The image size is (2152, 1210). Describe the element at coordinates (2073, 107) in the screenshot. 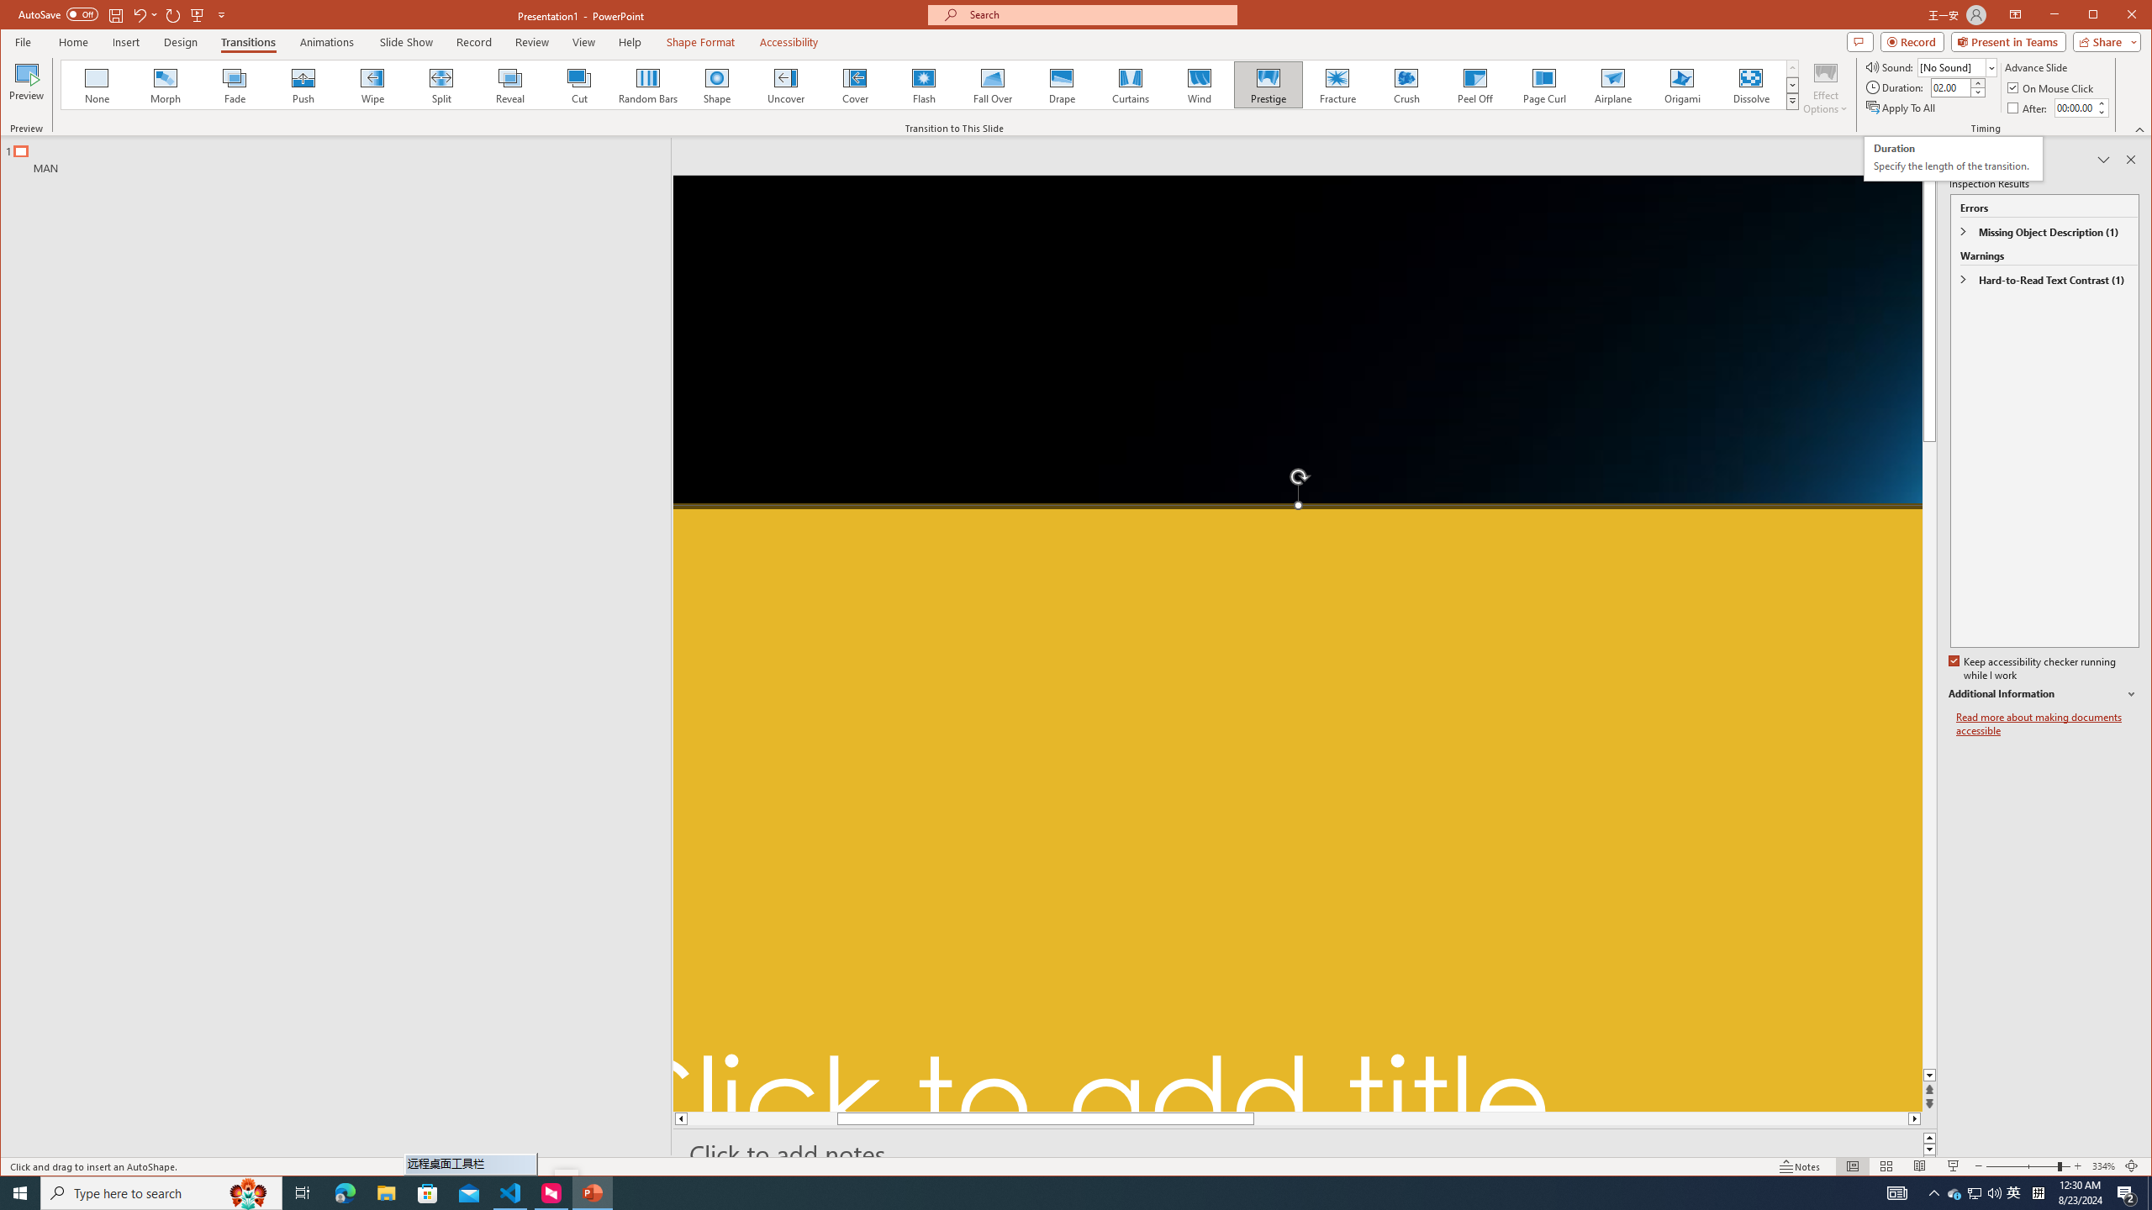

I see `'After'` at that location.